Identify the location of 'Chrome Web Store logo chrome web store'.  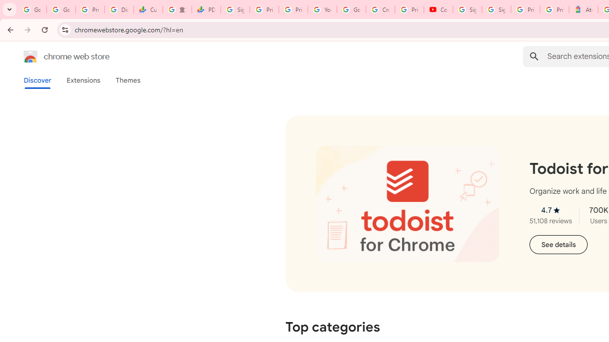
(56, 57).